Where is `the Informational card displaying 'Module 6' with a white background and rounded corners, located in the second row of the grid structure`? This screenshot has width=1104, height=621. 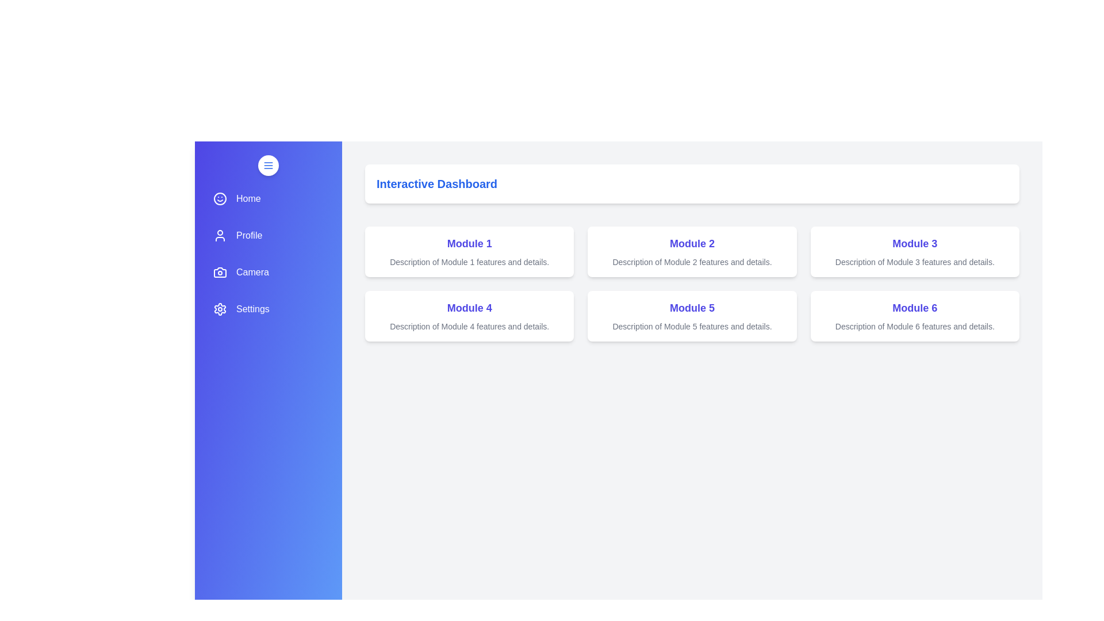 the Informational card displaying 'Module 6' with a white background and rounded corners, located in the second row of the grid structure is located at coordinates (914, 316).